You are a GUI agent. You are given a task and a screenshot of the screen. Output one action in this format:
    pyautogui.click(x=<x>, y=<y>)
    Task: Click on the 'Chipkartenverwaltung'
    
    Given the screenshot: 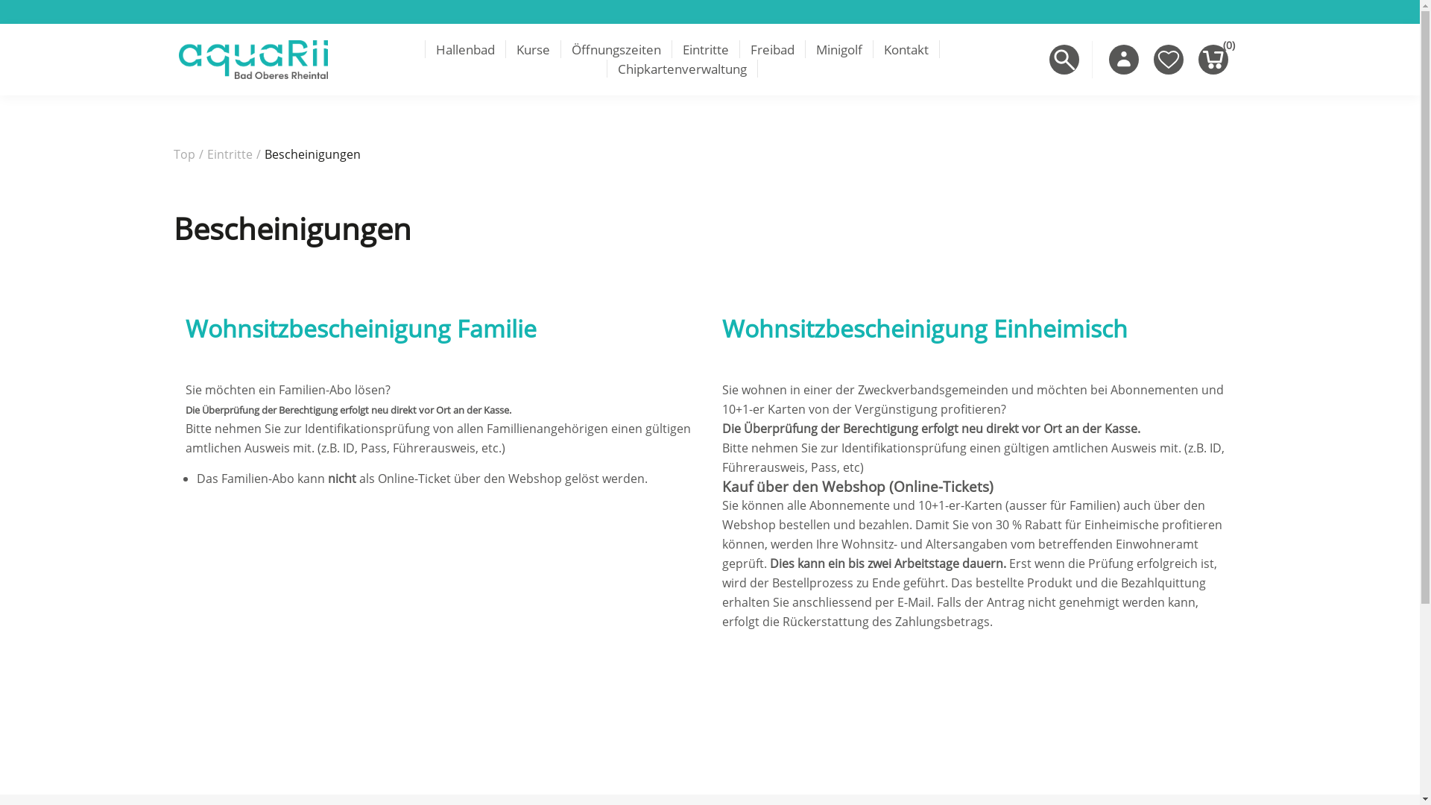 What is the action you would take?
    pyautogui.click(x=681, y=69)
    